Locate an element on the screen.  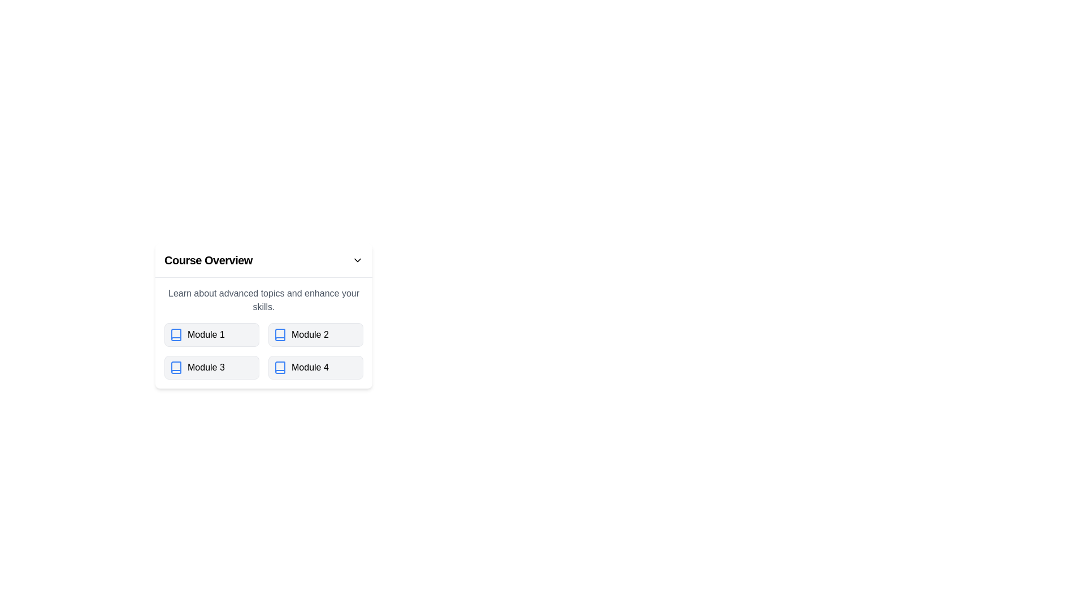
the text label indicating the third module in the learning sequence, located in the lower-left quadrant of the module selection area is located at coordinates (206, 368).